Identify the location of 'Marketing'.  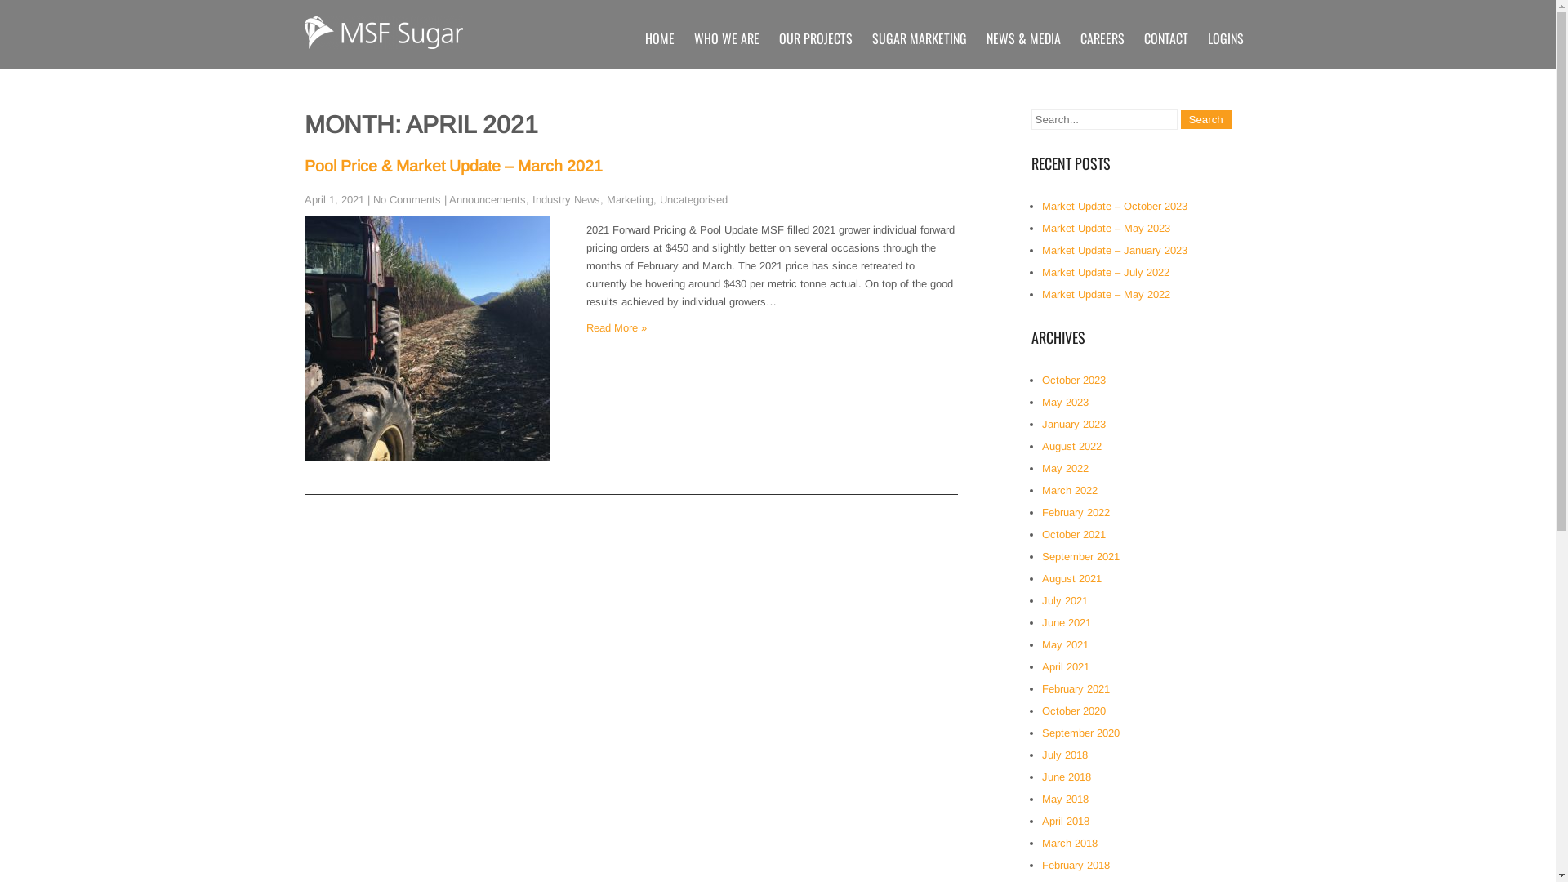
(605, 198).